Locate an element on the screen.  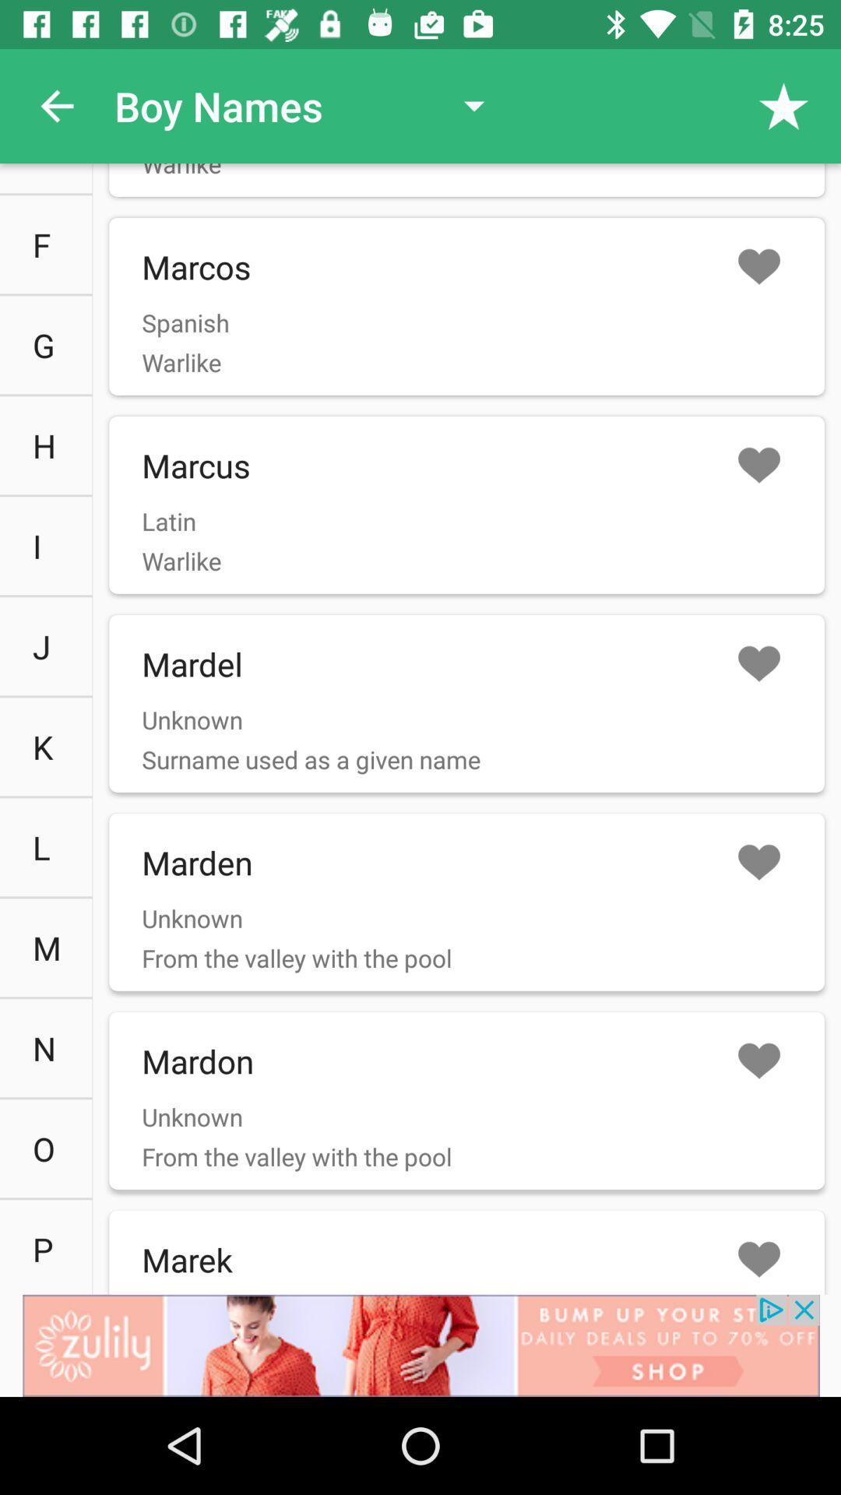
click on advertisements is located at coordinates (420, 1345).